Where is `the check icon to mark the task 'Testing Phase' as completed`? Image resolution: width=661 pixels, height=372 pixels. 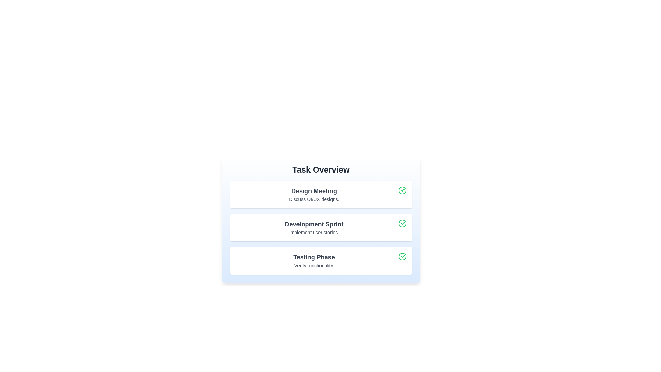
the check icon to mark the task 'Testing Phase' as completed is located at coordinates (402, 256).